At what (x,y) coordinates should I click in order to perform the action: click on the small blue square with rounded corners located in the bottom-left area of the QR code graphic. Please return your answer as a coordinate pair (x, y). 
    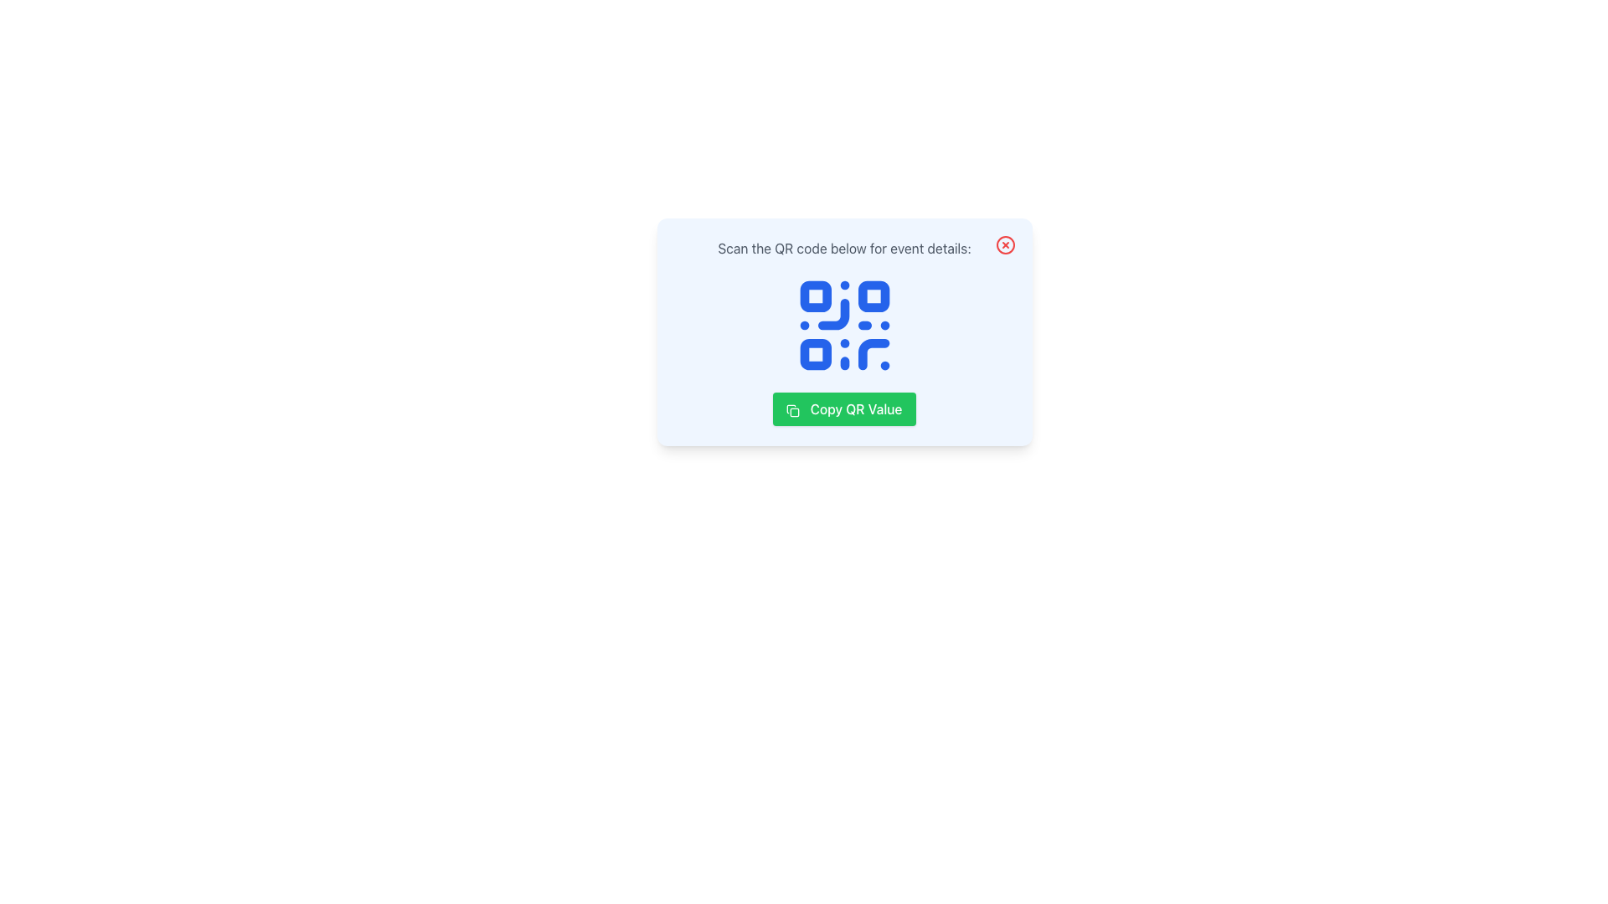
    Looking at the image, I should click on (815, 353).